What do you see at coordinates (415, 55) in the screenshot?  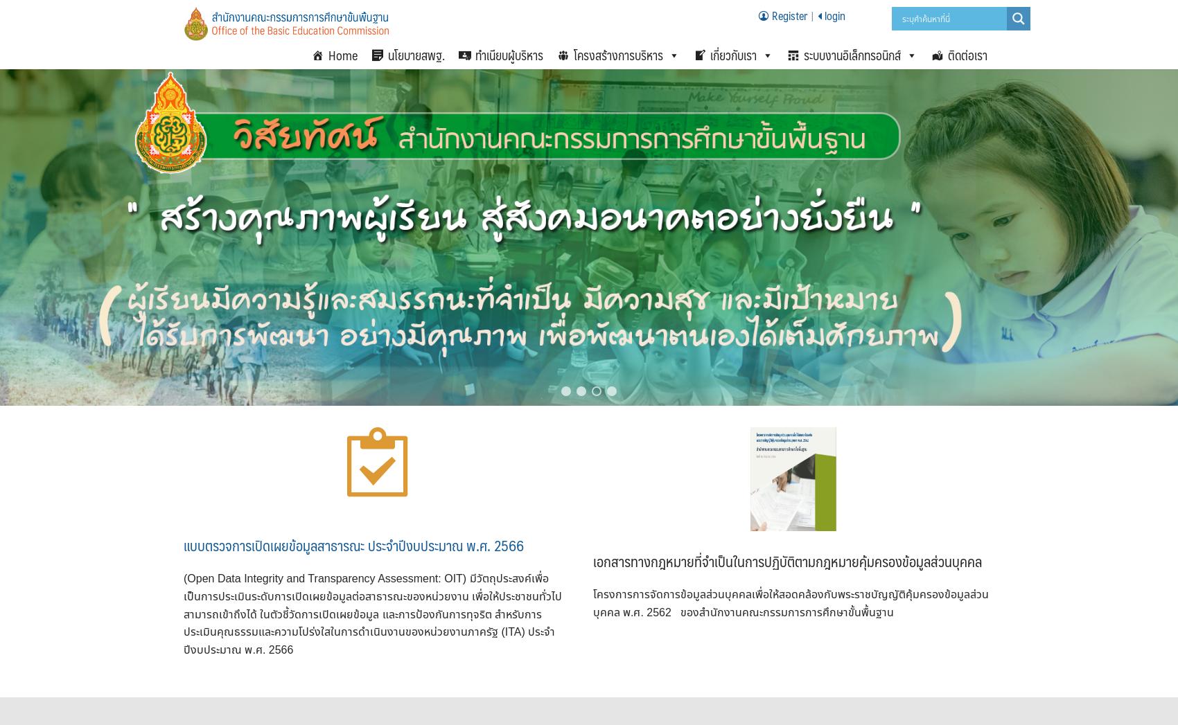 I see `'นโยบายสพฐ.'` at bounding box center [415, 55].